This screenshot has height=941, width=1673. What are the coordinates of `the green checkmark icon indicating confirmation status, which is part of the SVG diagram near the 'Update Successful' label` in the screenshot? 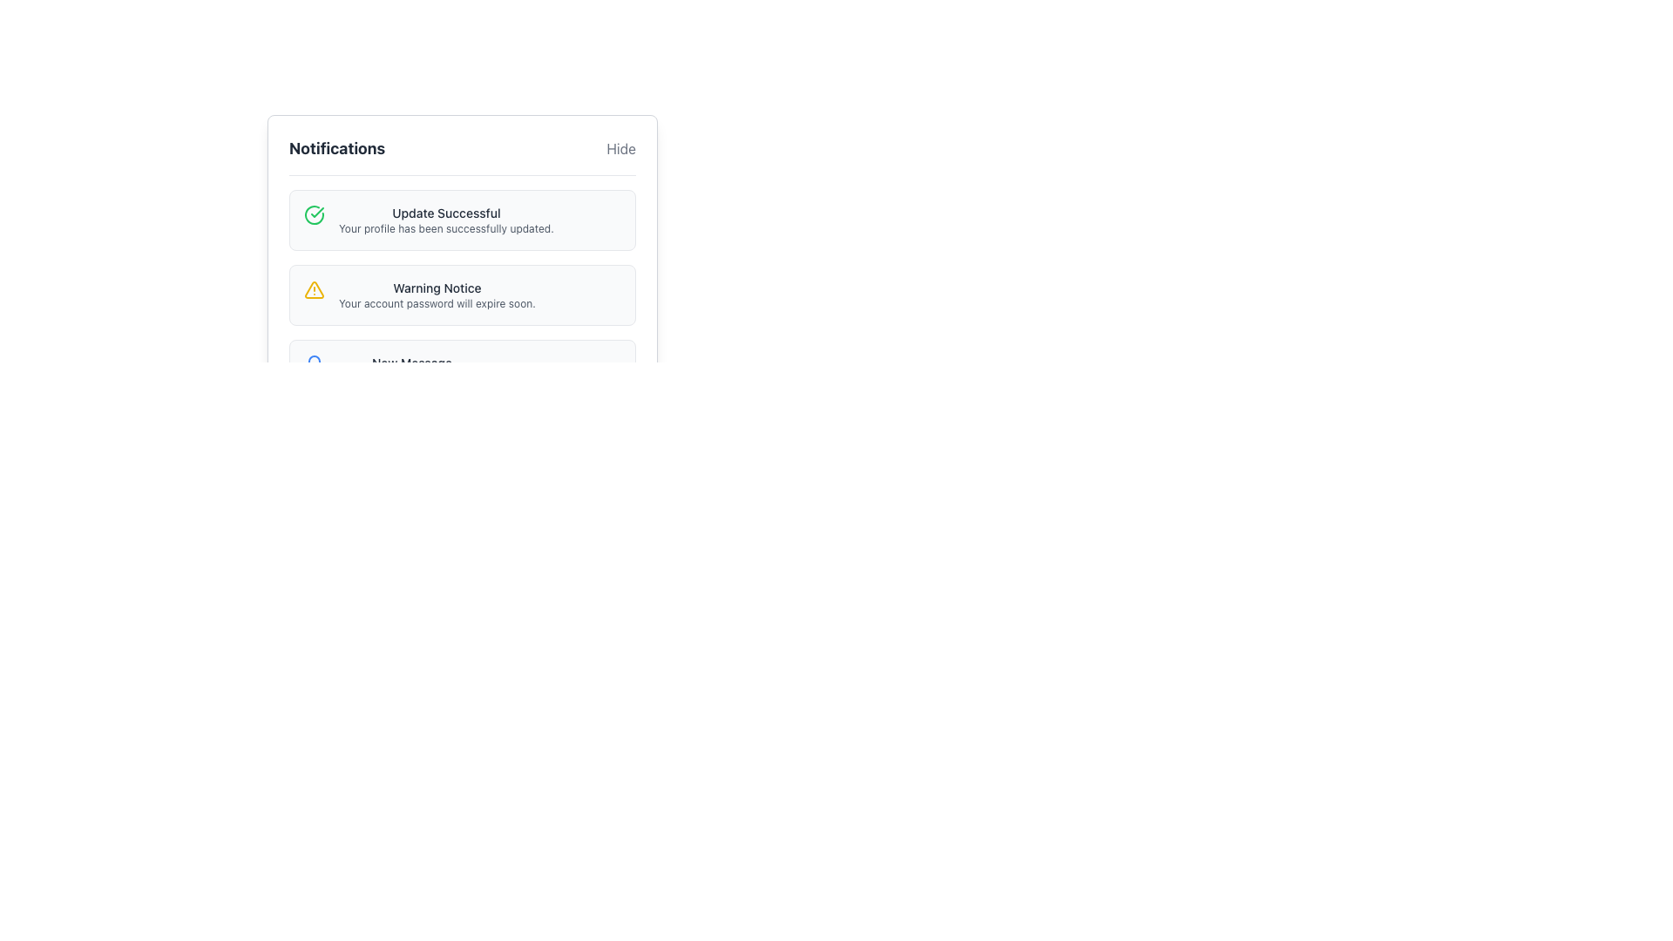 It's located at (317, 211).